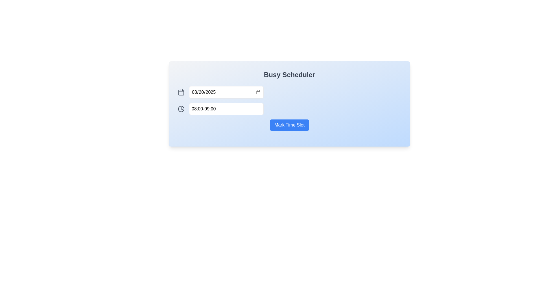 This screenshot has width=542, height=305. Describe the element at coordinates (181, 109) in the screenshot. I see `the clock icon, which is a minimalist lined art style image with a circular outline and clock hands, located to the left of the time input field` at that location.